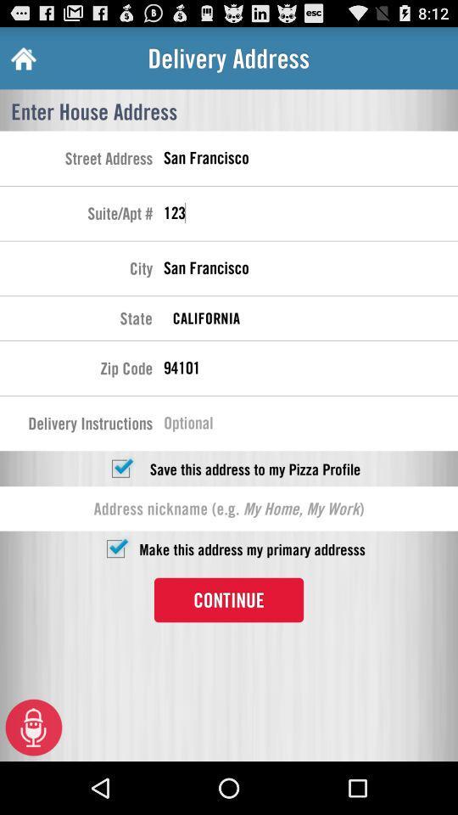 The width and height of the screenshot is (458, 815). Describe the element at coordinates (34, 778) in the screenshot. I see `the microphone icon` at that location.